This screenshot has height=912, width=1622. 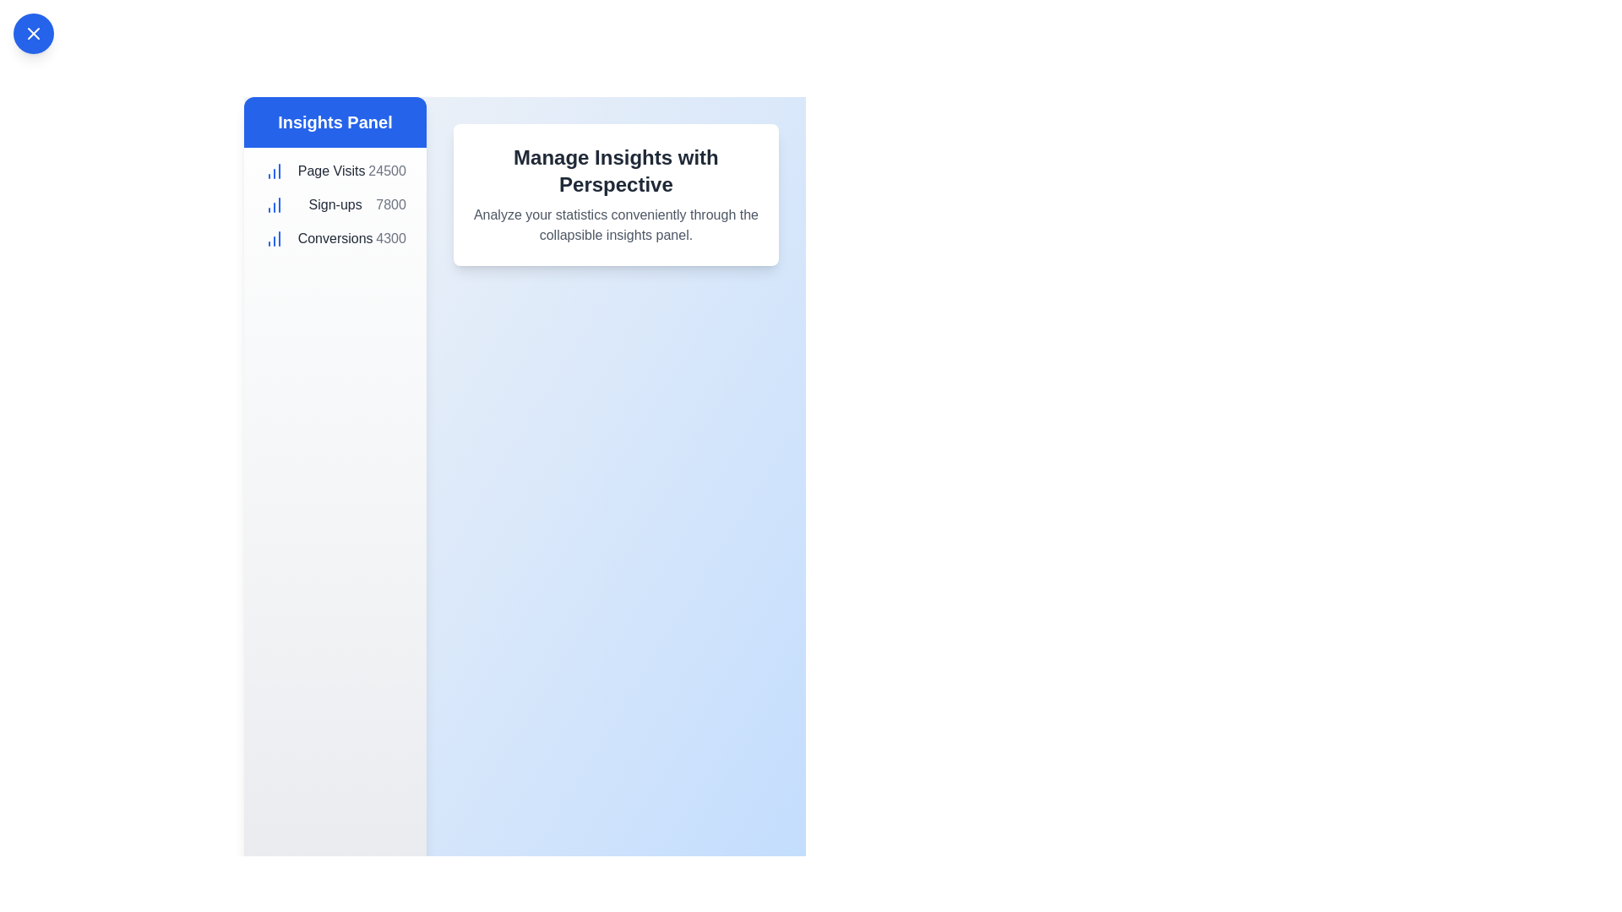 I want to click on the top-left button to toggle the visibility of the drawer, so click(x=33, y=33).